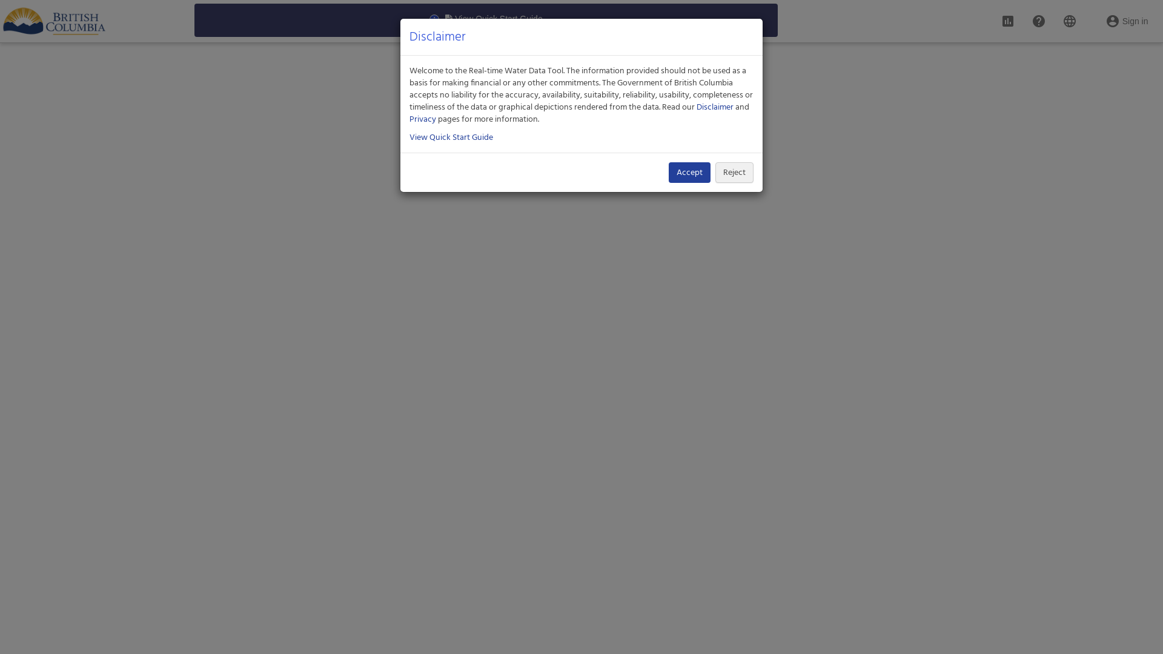 The height and width of the screenshot is (654, 1163). What do you see at coordinates (409, 119) in the screenshot?
I see `'Privacy'` at bounding box center [409, 119].